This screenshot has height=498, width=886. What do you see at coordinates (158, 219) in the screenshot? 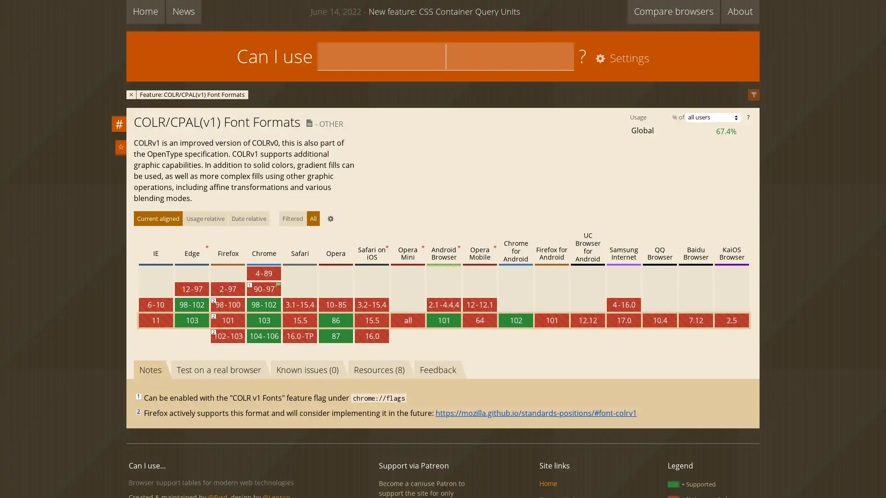
I see `Current aligned` at bounding box center [158, 219].